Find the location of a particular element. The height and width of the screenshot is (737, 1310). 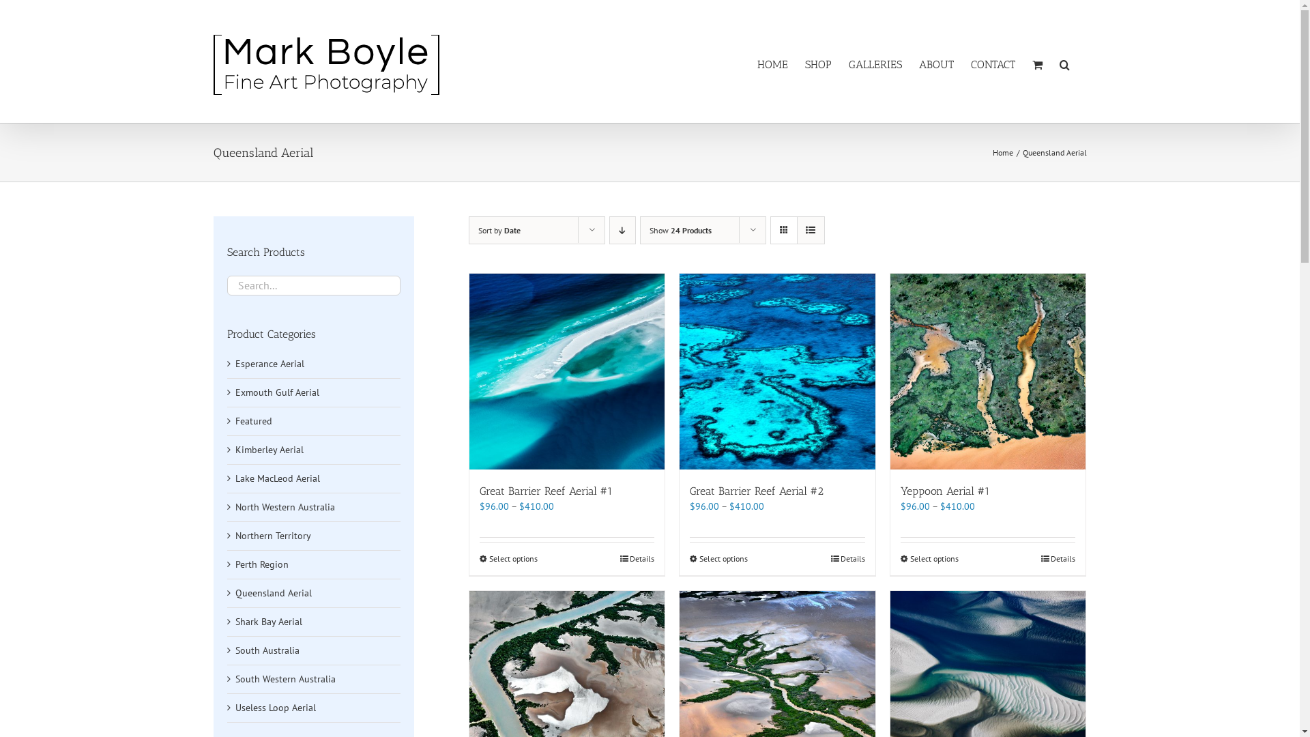

'Show 24 Products' is located at coordinates (680, 229).